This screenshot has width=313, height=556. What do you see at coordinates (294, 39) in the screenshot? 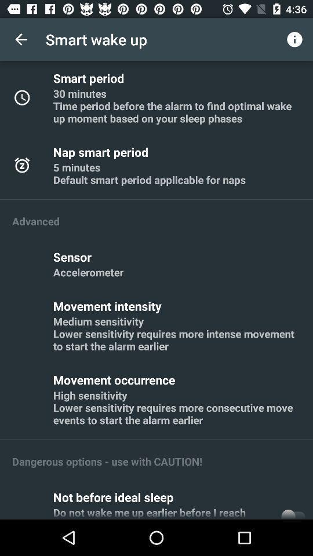
I see `the icon at the top right corner` at bounding box center [294, 39].